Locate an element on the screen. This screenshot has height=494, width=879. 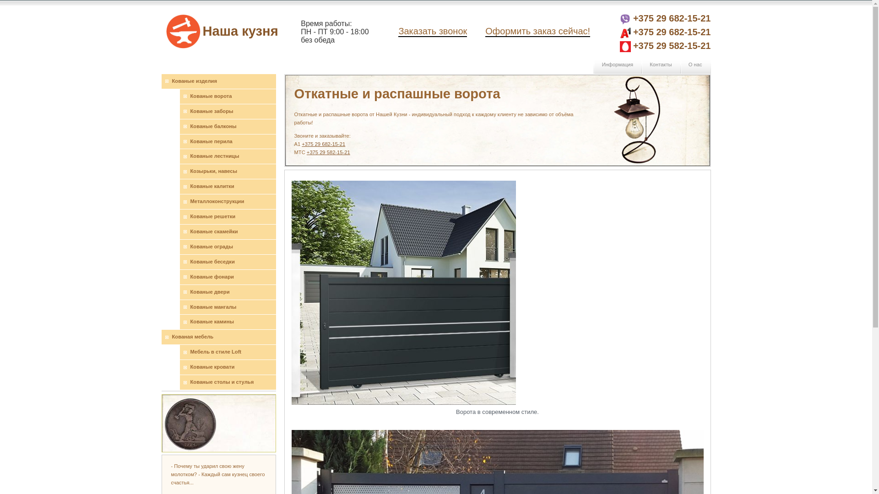
'+375 29 682-15-21' is located at coordinates (672, 18).